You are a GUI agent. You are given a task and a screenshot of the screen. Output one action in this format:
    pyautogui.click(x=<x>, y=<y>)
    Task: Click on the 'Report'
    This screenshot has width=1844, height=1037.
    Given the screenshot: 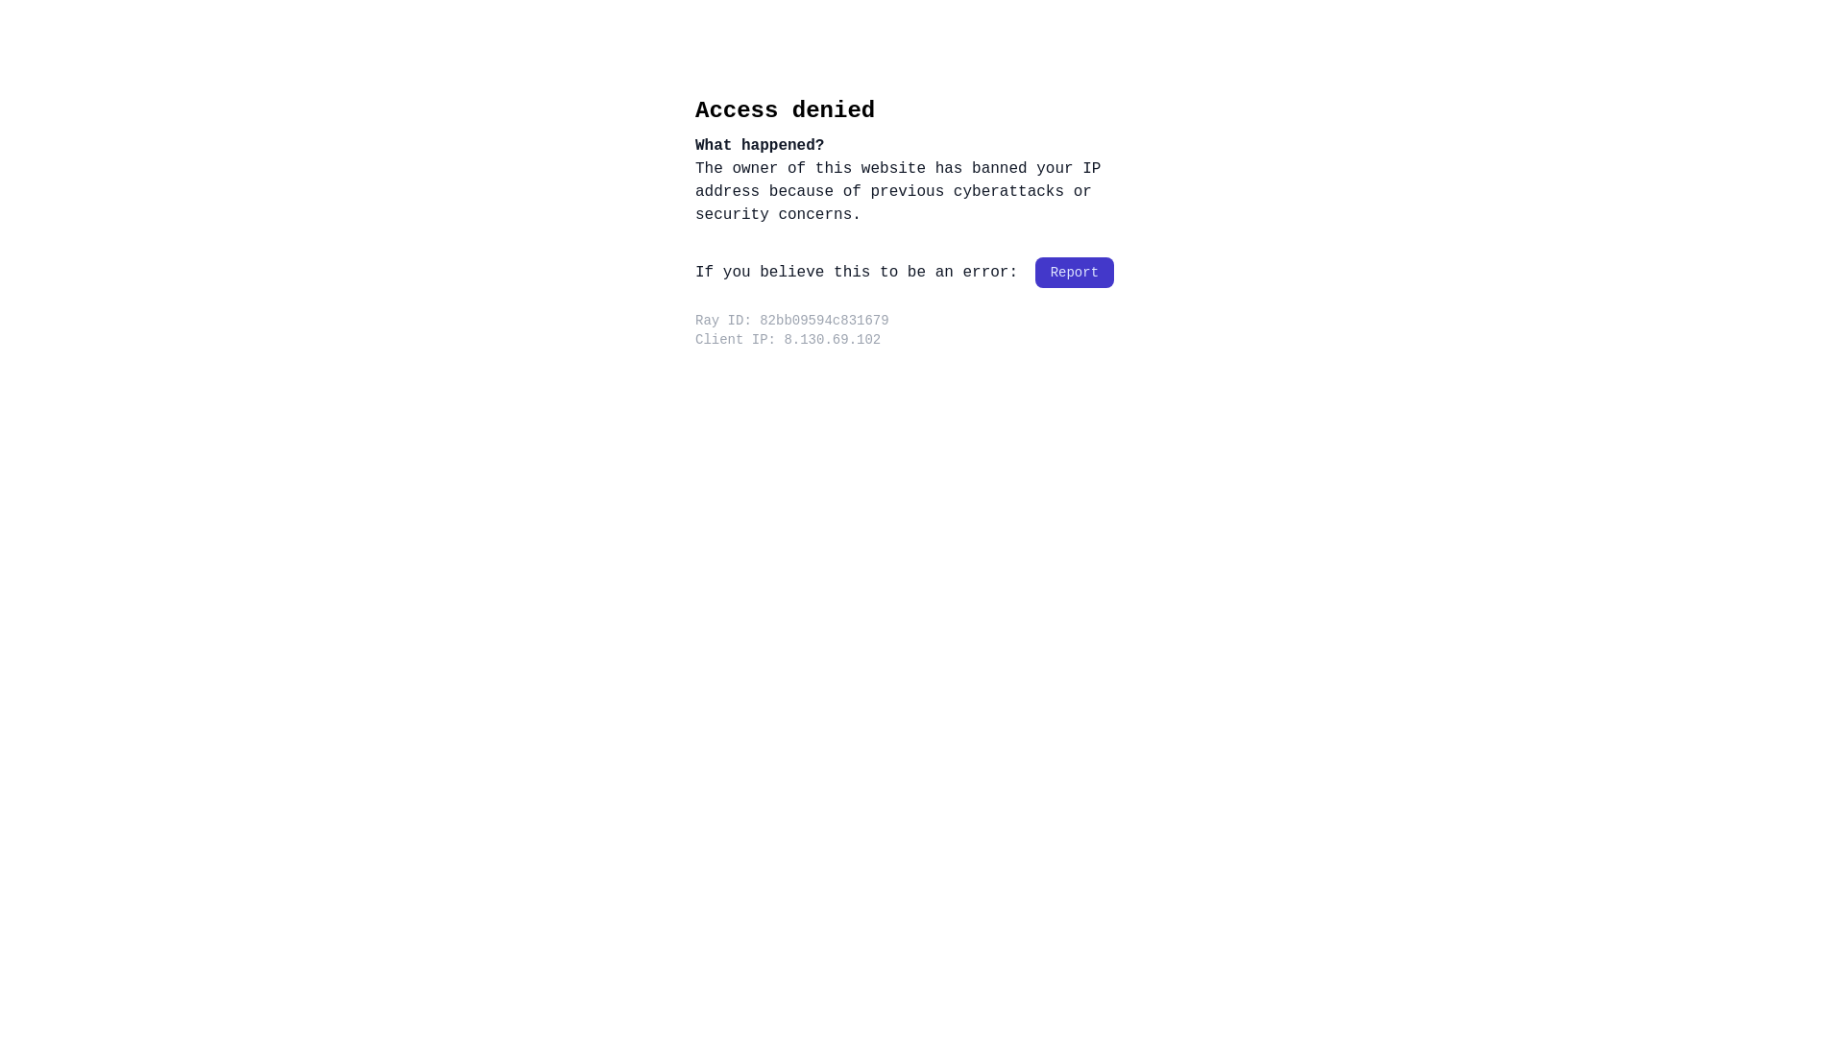 What is the action you would take?
    pyautogui.click(x=1073, y=273)
    